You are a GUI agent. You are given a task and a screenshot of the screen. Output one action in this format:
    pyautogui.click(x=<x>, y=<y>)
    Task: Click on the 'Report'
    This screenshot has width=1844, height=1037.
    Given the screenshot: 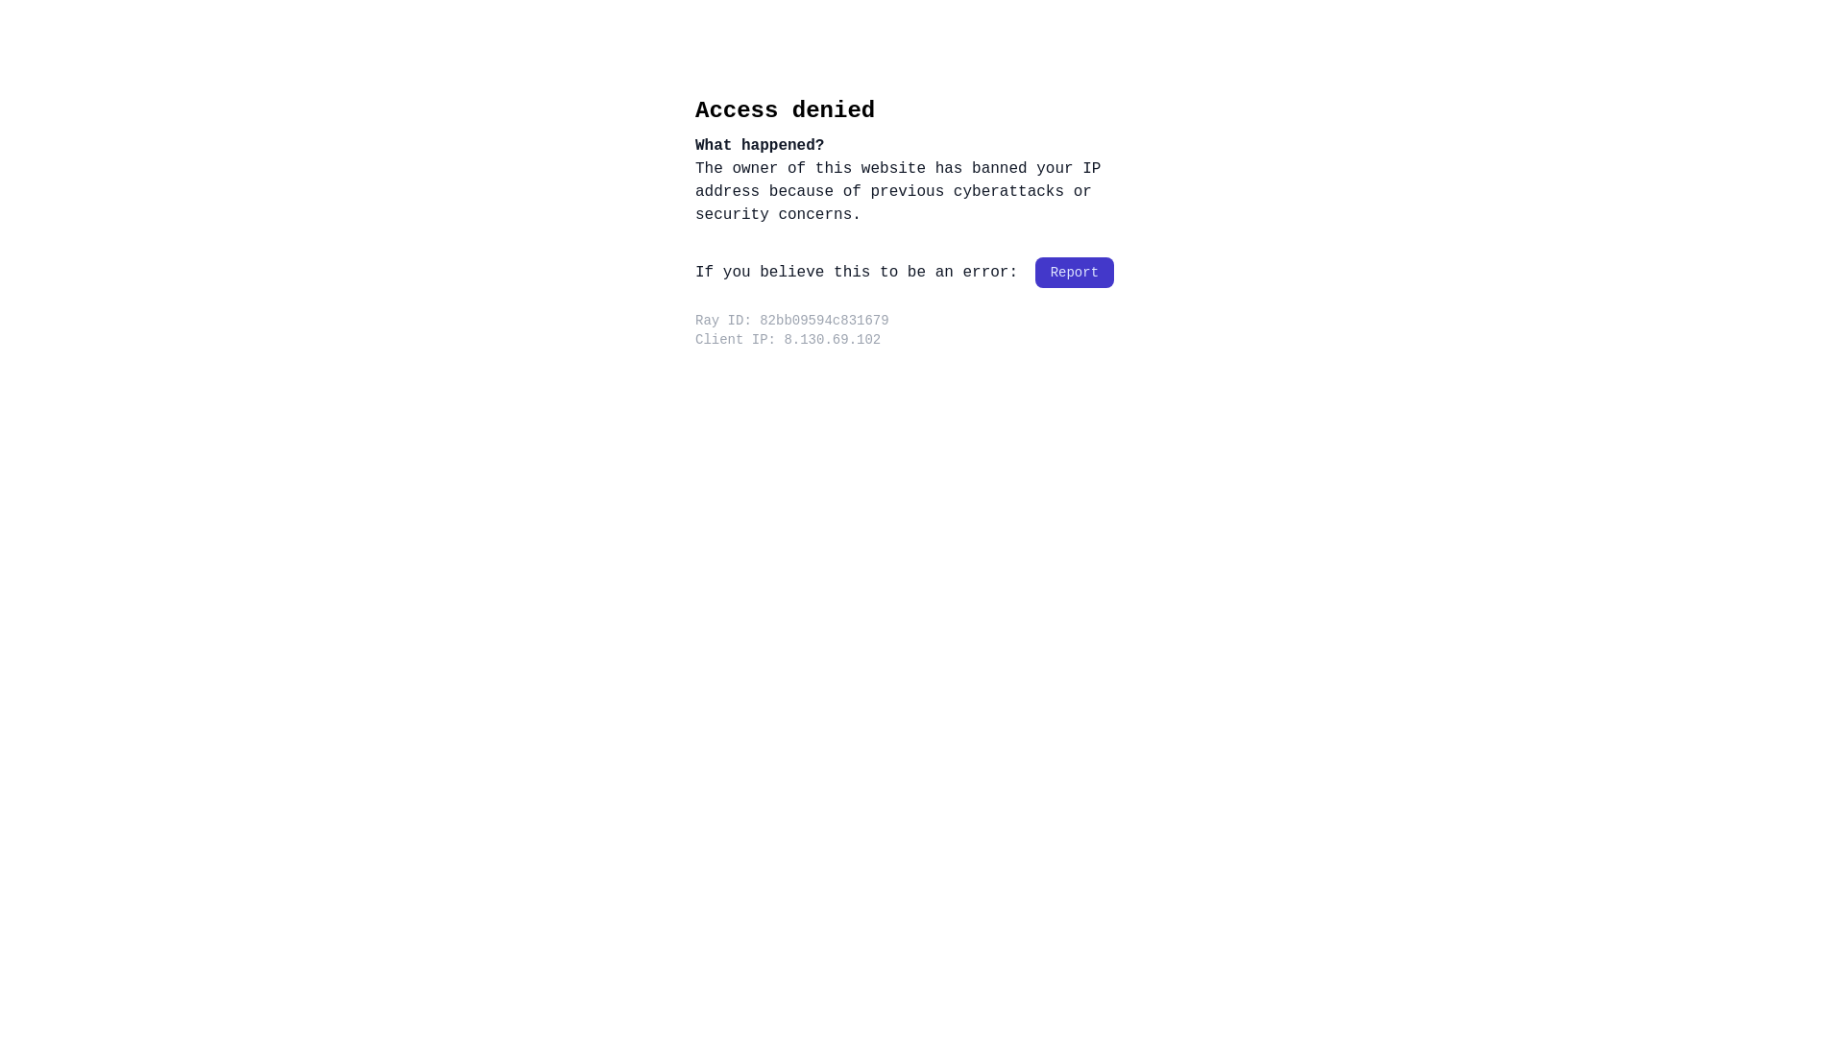 What is the action you would take?
    pyautogui.click(x=1073, y=273)
    